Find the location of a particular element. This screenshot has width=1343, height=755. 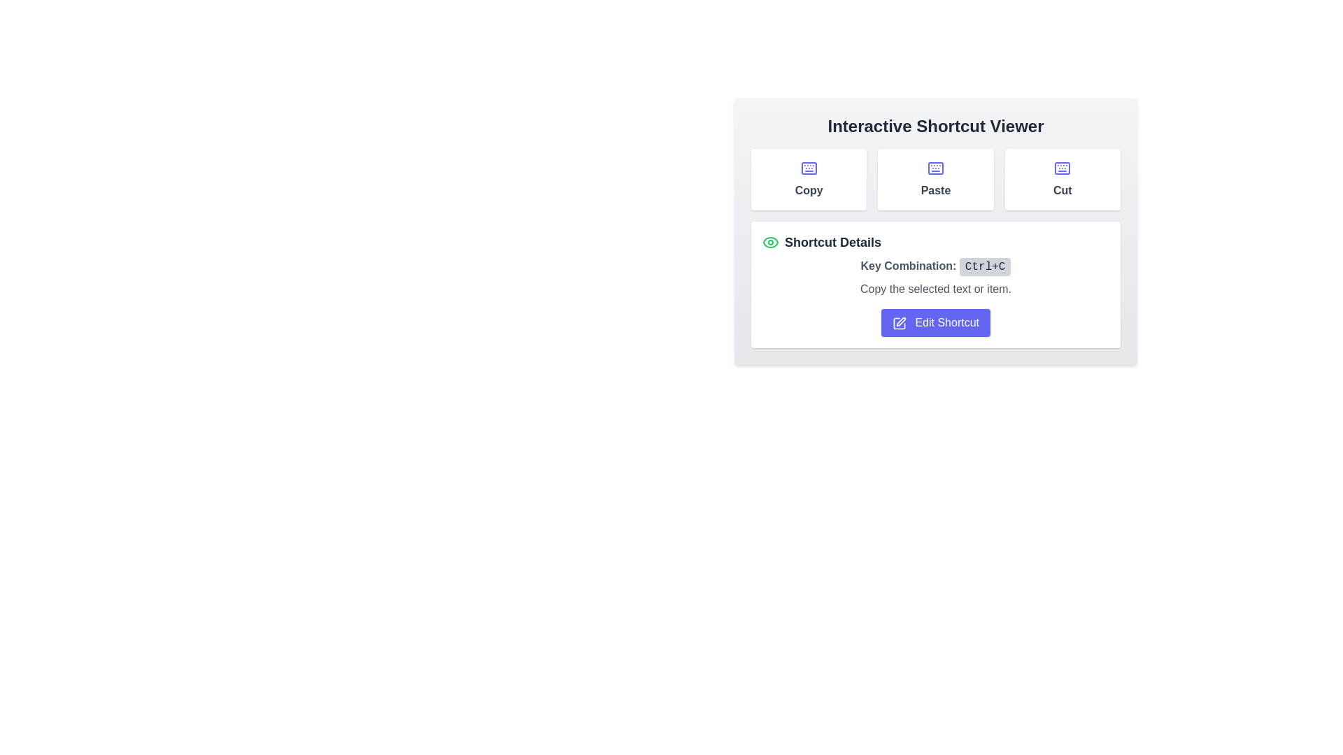

the button located at the bottom of the 'Shortcut Details' section is located at coordinates (936, 323).